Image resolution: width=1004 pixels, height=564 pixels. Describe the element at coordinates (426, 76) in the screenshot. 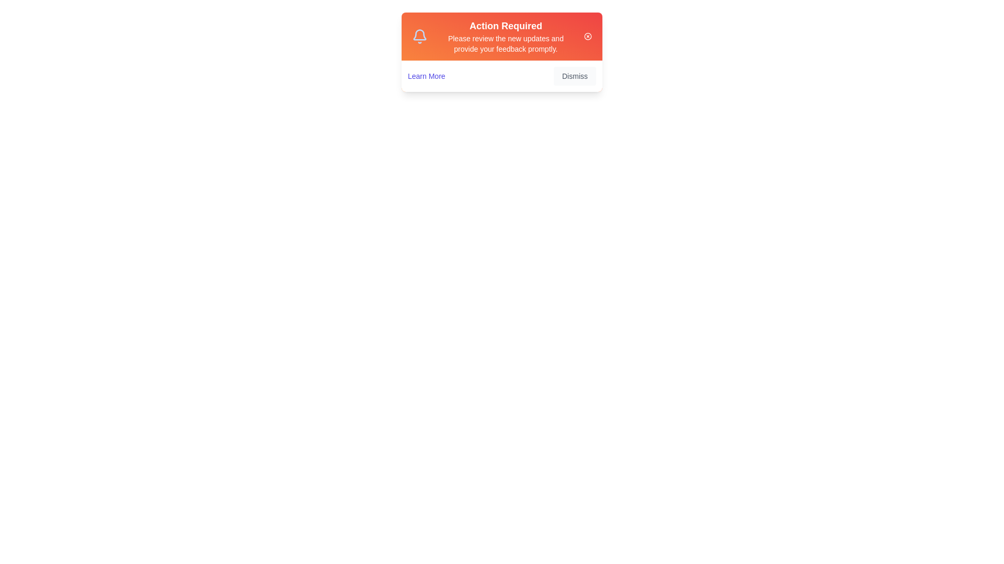

I see `the 'Learn More' button to access additional information` at that location.